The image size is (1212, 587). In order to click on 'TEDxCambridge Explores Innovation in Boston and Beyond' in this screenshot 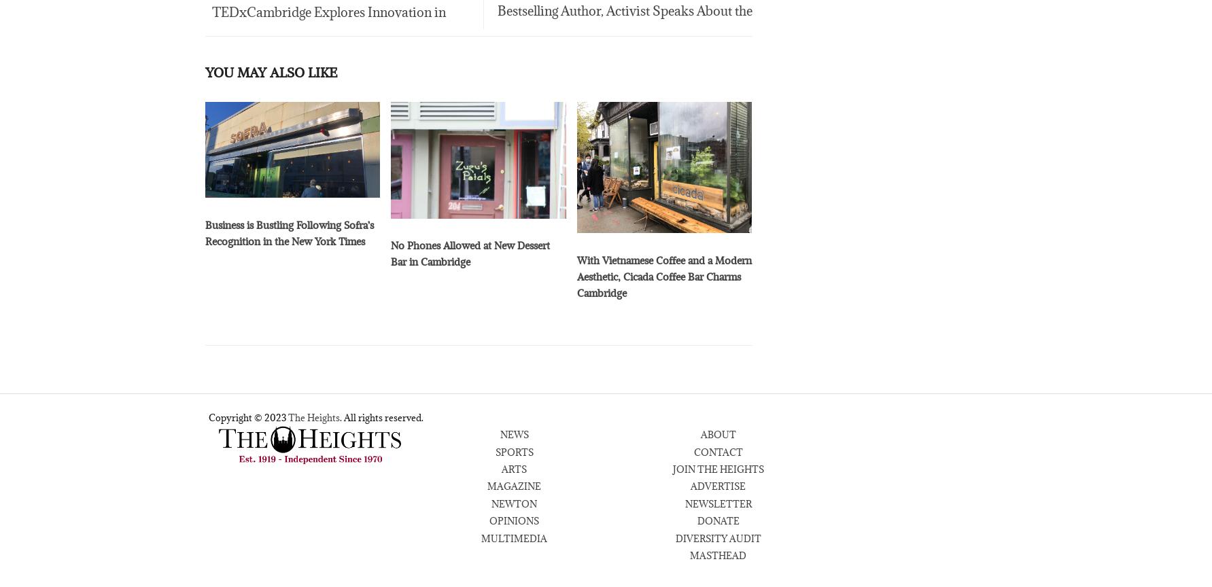, I will do `click(325, 32)`.